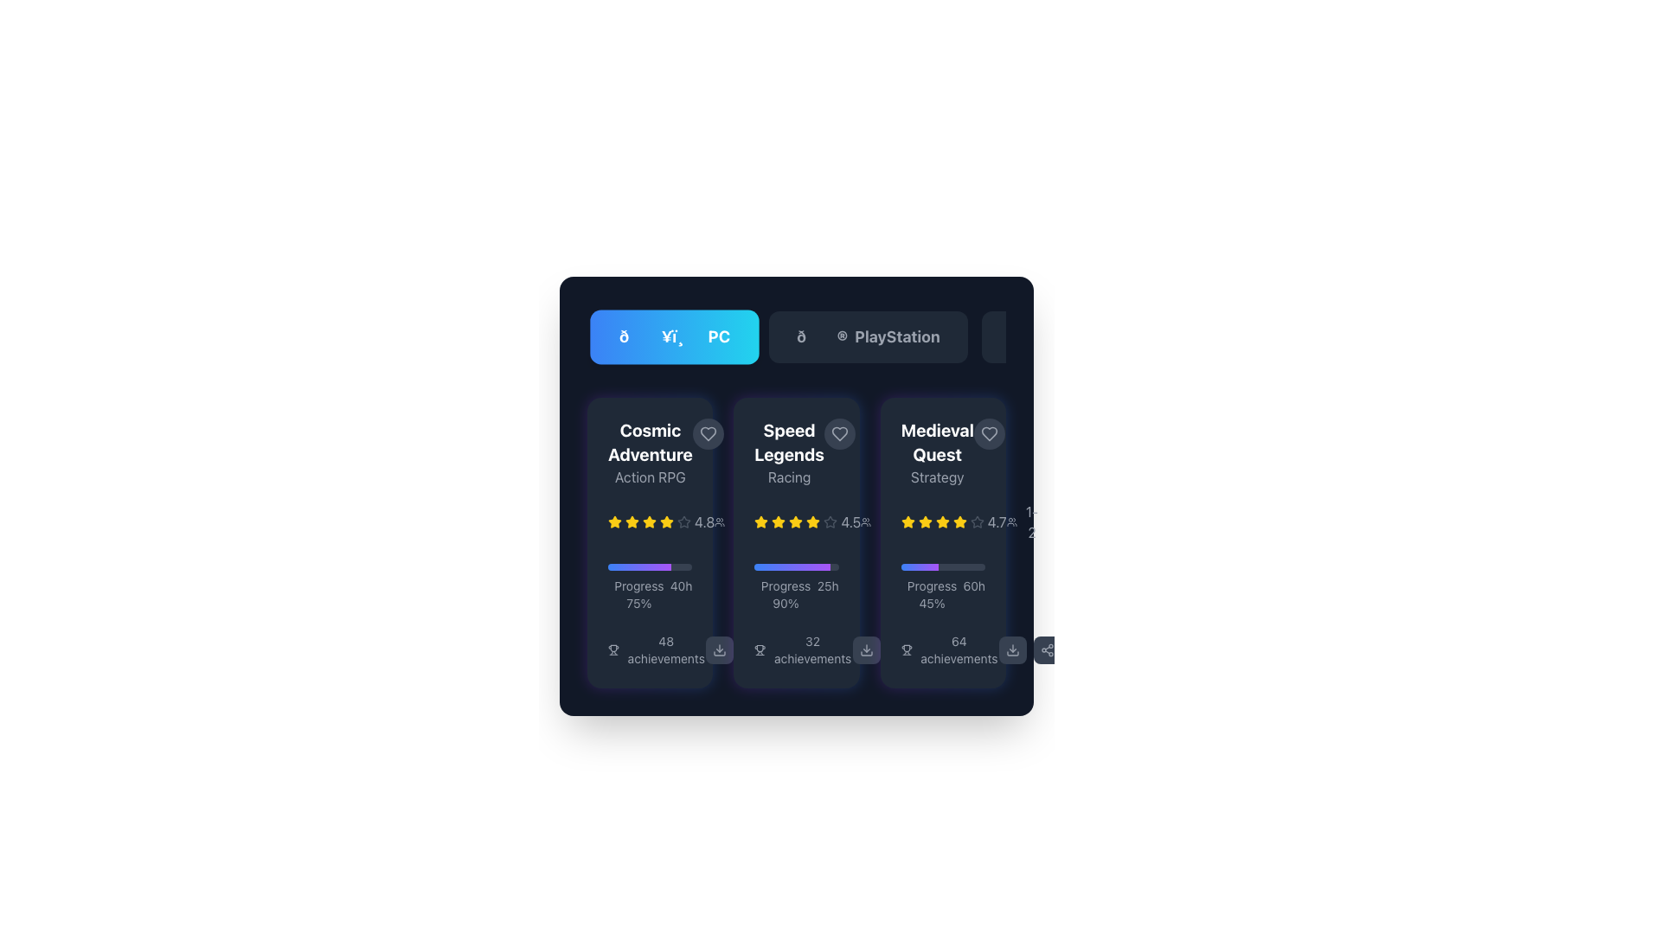 The image size is (1661, 934). What do you see at coordinates (811, 650) in the screenshot?
I see `text content of the Text Label that displays the number of achievements completed or available, located in the center of the third card in the row, beneath the progress bar and above the trophy icon` at bounding box center [811, 650].